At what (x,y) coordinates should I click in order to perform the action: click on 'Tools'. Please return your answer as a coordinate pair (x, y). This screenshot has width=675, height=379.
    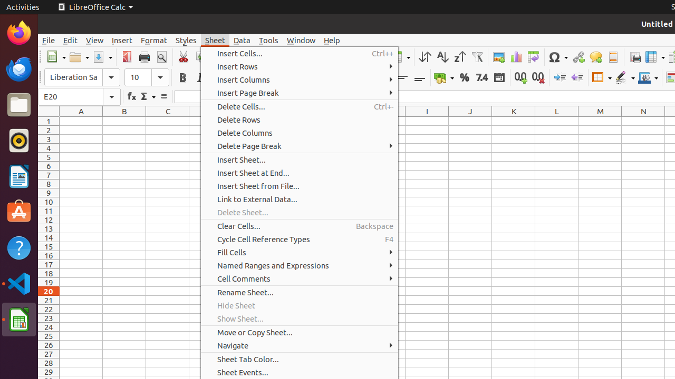
    Looking at the image, I should click on (268, 39).